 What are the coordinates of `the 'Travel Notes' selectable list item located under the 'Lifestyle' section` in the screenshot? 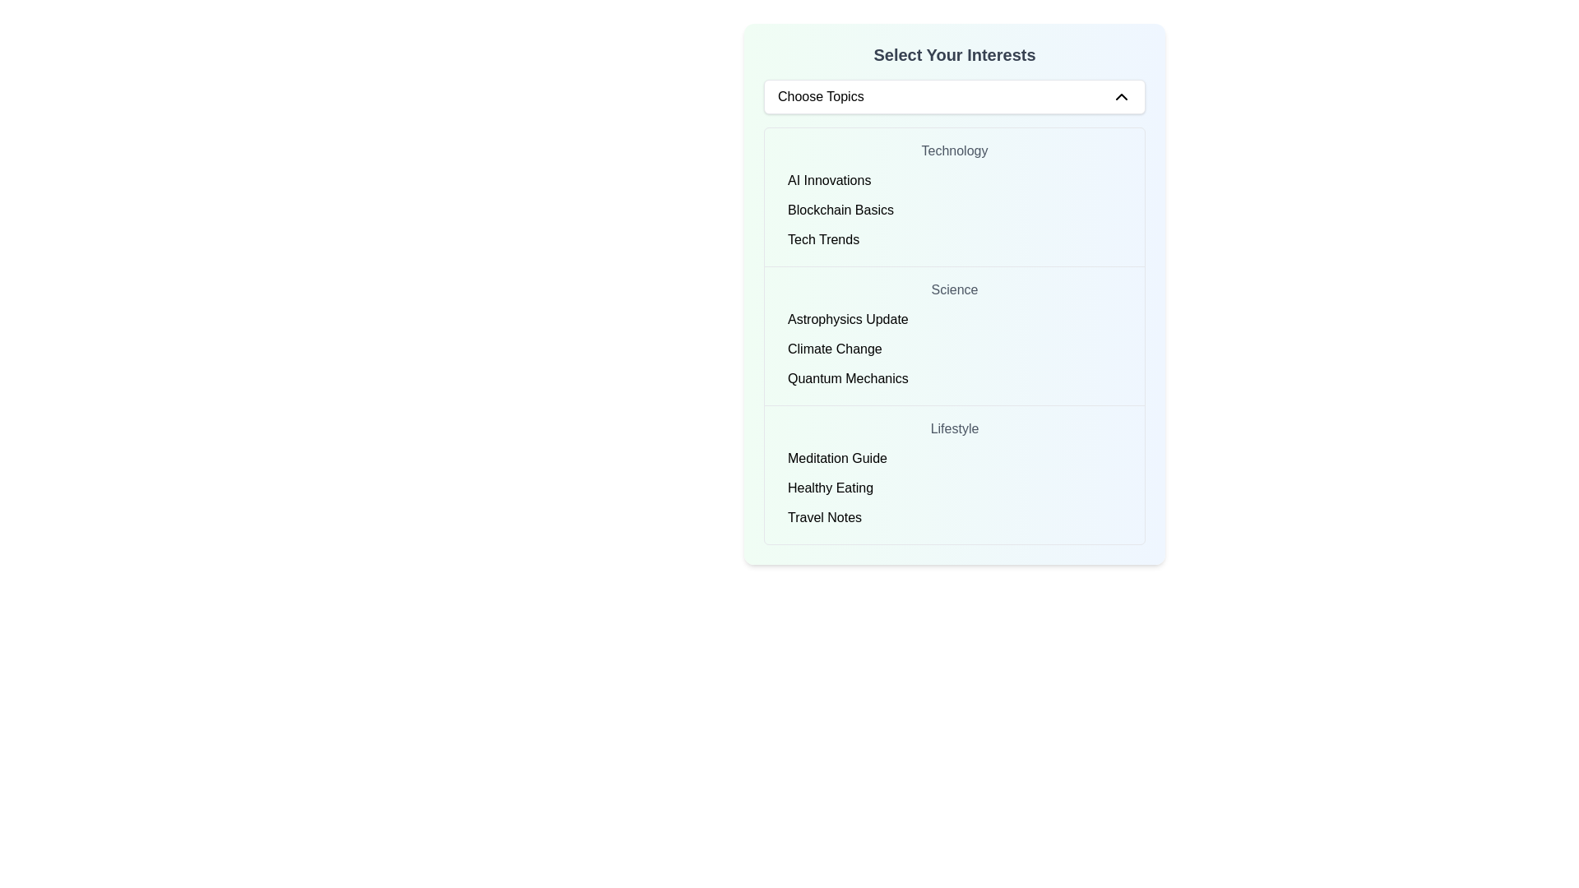 It's located at (955, 516).